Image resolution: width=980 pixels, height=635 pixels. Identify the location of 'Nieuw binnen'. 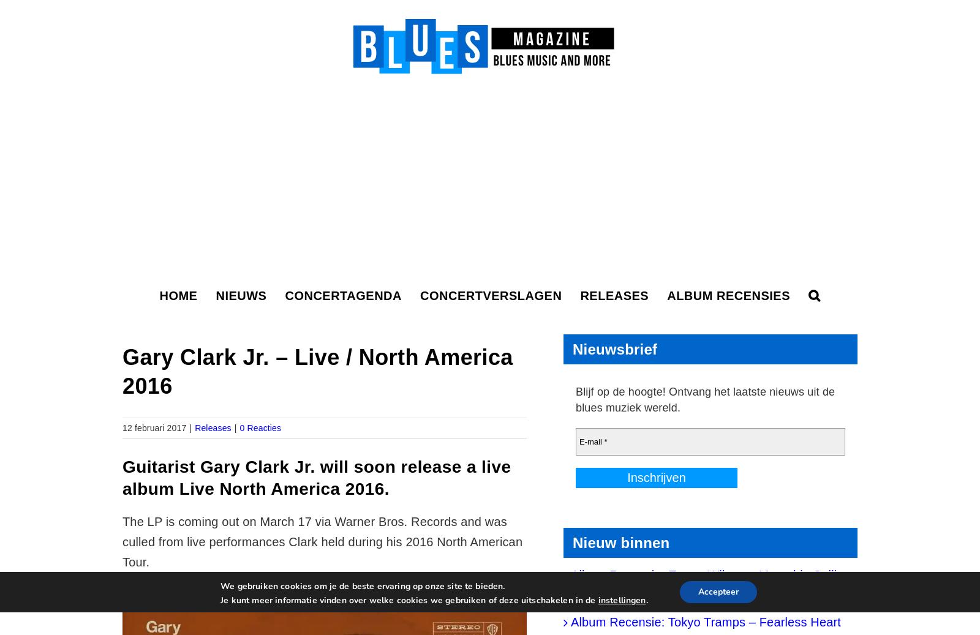
(621, 543).